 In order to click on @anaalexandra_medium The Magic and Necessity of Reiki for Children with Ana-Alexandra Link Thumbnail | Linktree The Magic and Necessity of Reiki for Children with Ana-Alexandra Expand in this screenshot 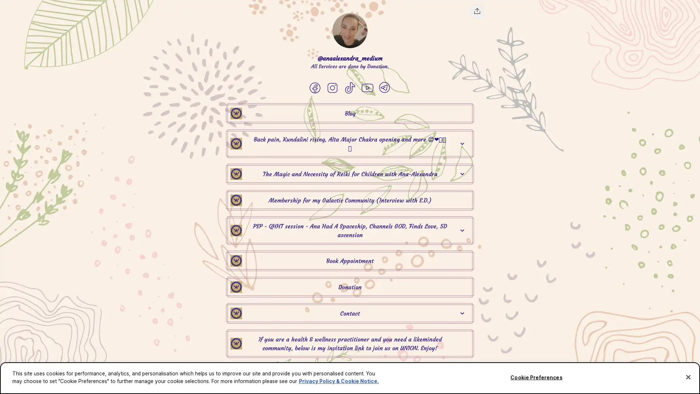, I will do `click(350, 174)`.